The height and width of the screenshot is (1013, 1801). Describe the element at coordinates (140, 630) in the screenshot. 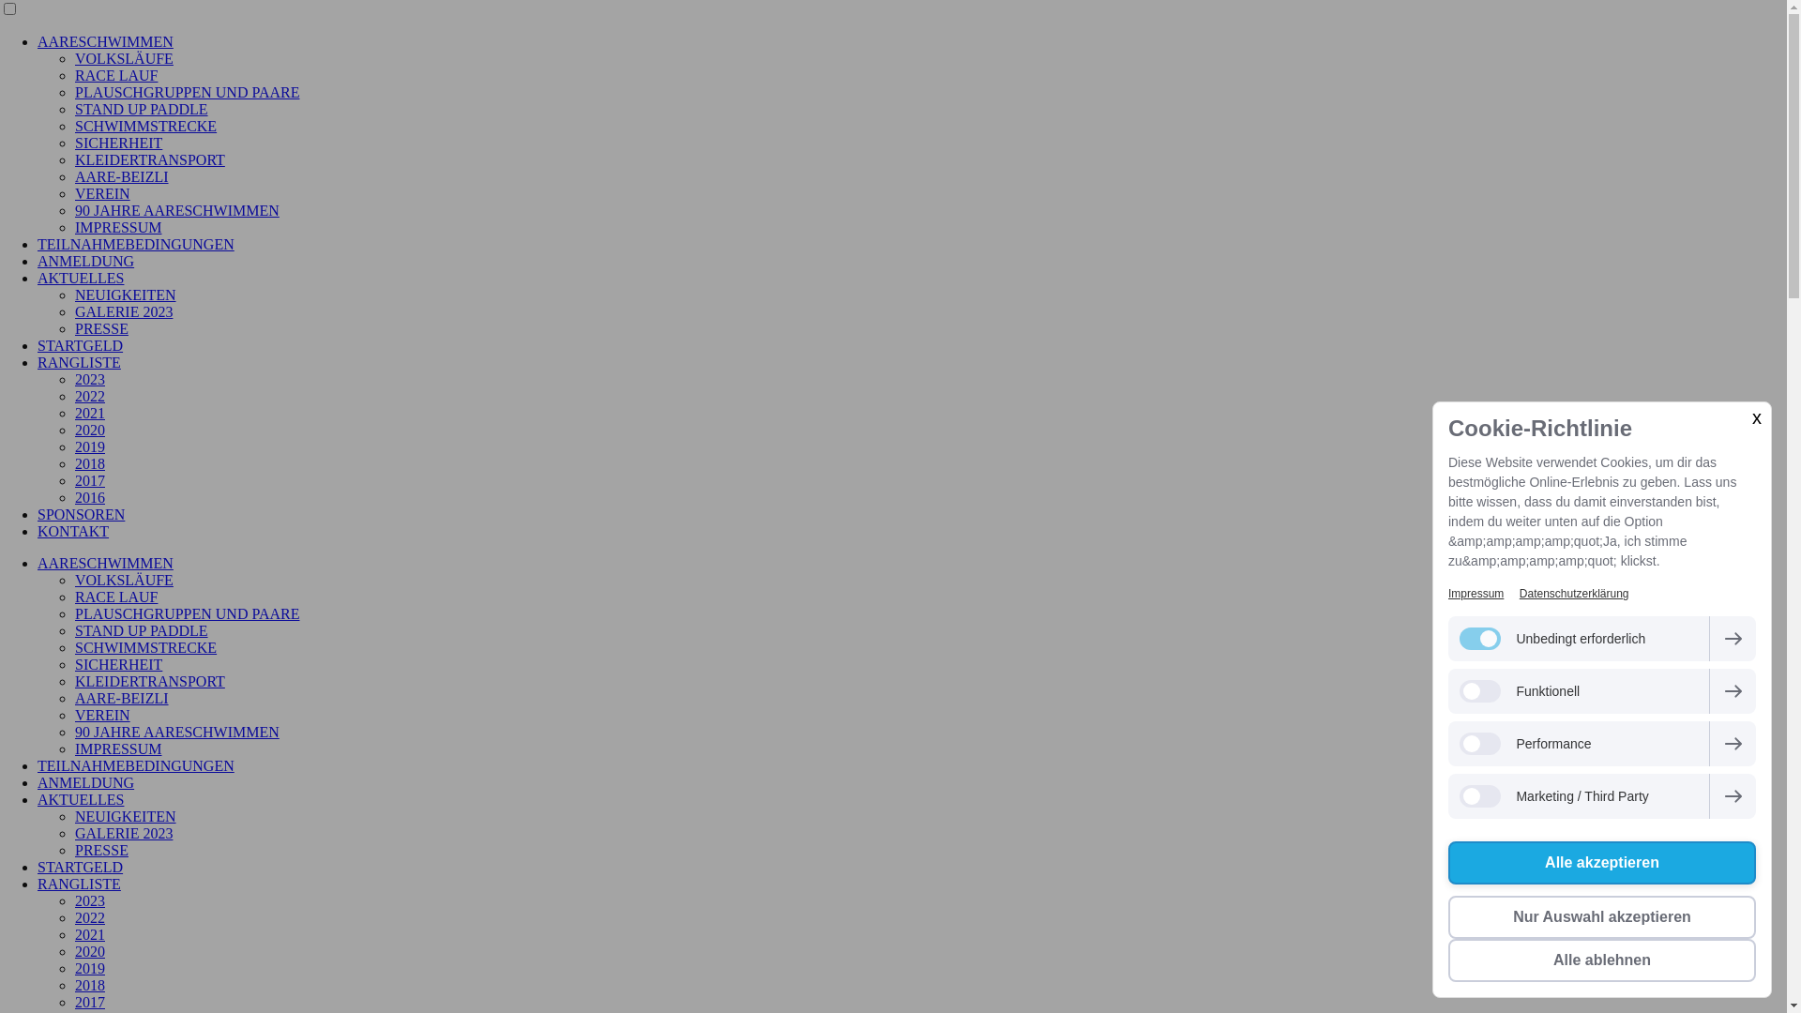

I see `'STAND UP PADDLE'` at that location.